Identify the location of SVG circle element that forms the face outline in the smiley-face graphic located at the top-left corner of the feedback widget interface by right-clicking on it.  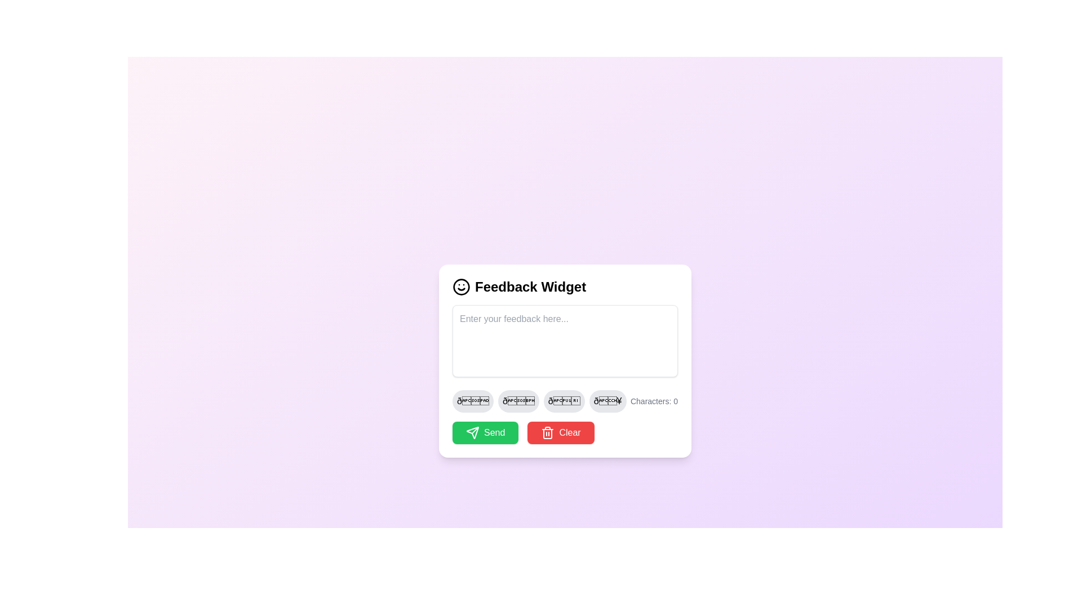
(462, 286).